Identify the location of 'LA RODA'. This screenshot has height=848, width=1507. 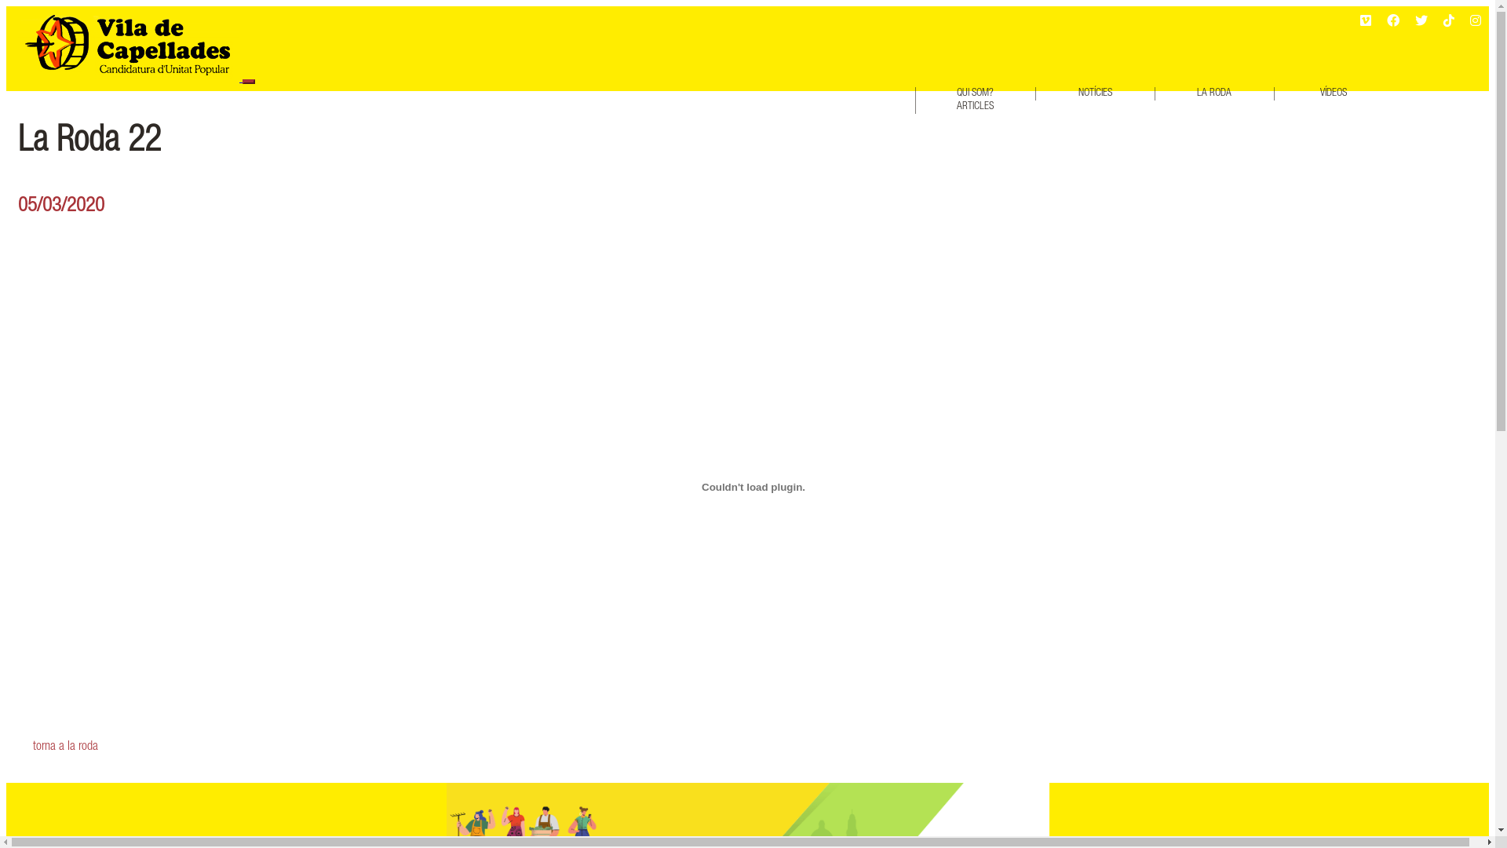
(1213, 93).